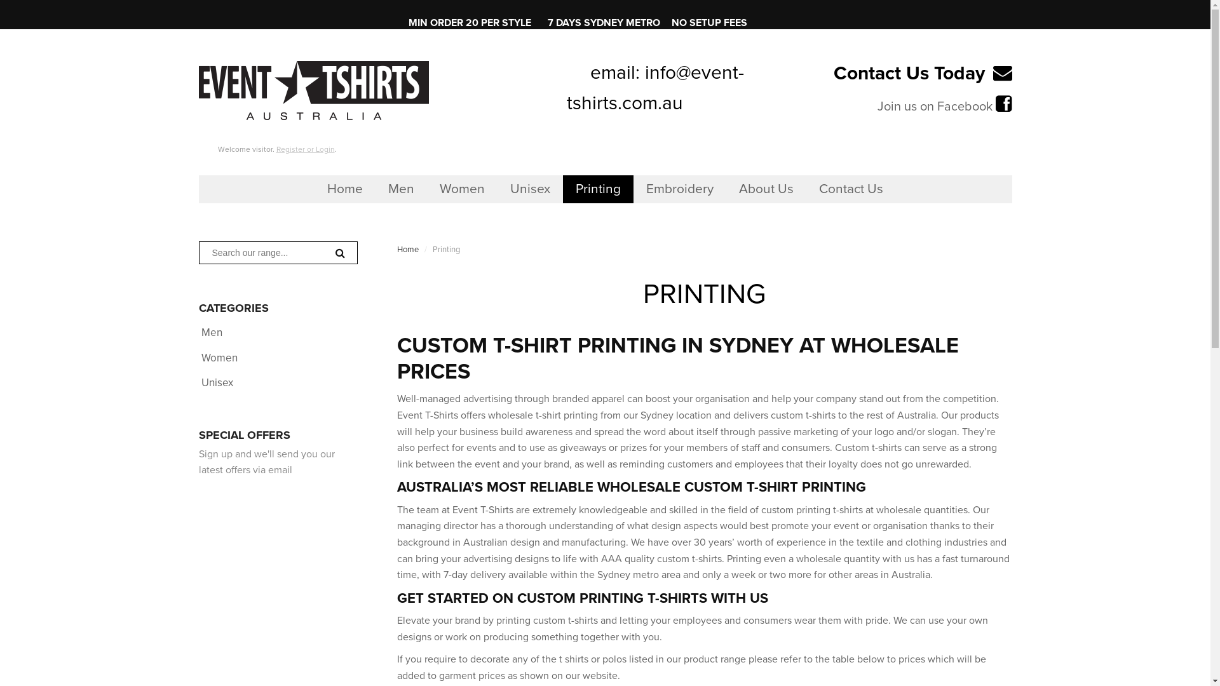 The image size is (1220, 686). Describe the element at coordinates (679, 189) in the screenshot. I see `'Embroidery'` at that location.